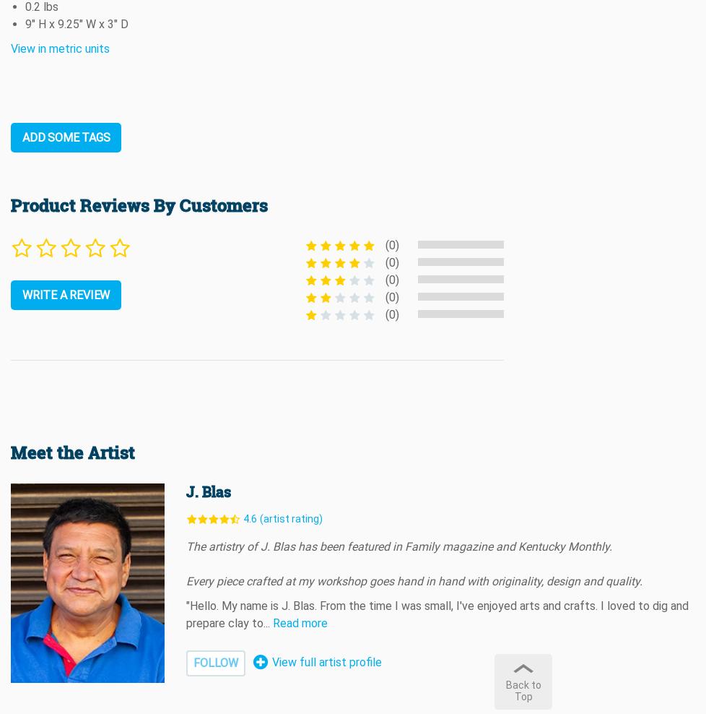 This screenshot has width=706, height=714. What do you see at coordinates (77, 22) in the screenshot?
I see `'9" H x 9.25" W x 3" D'` at bounding box center [77, 22].